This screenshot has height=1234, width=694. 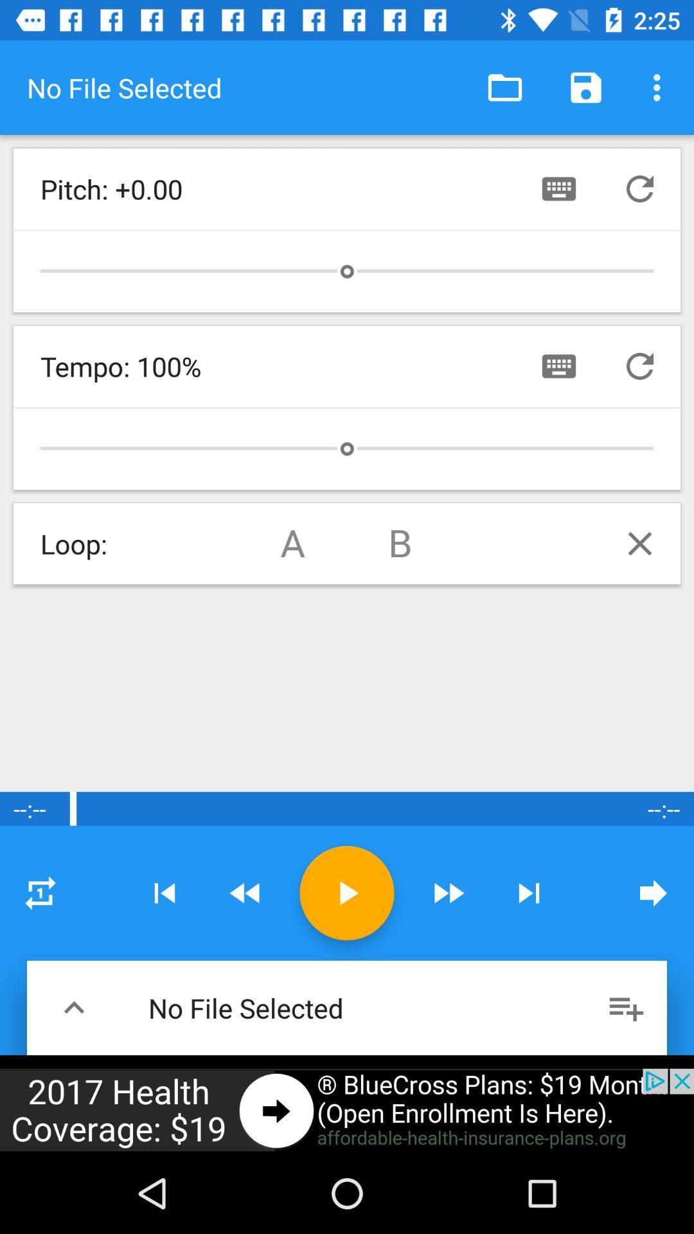 What do you see at coordinates (639, 188) in the screenshot?
I see `reload option` at bounding box center [639, 188].